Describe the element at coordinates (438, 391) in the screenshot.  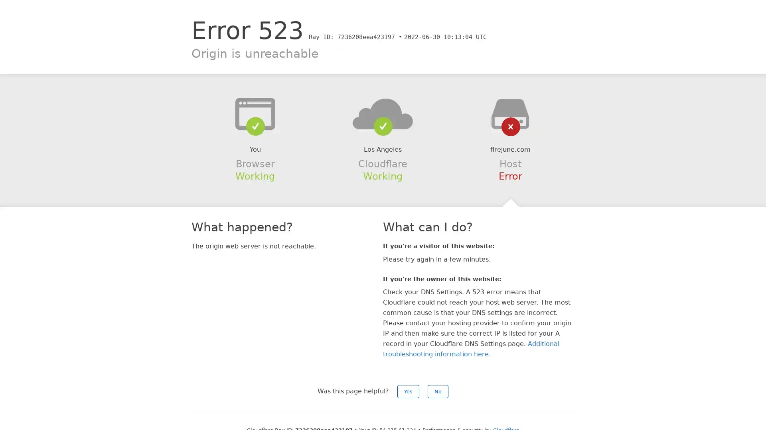
I see `No` at that location.